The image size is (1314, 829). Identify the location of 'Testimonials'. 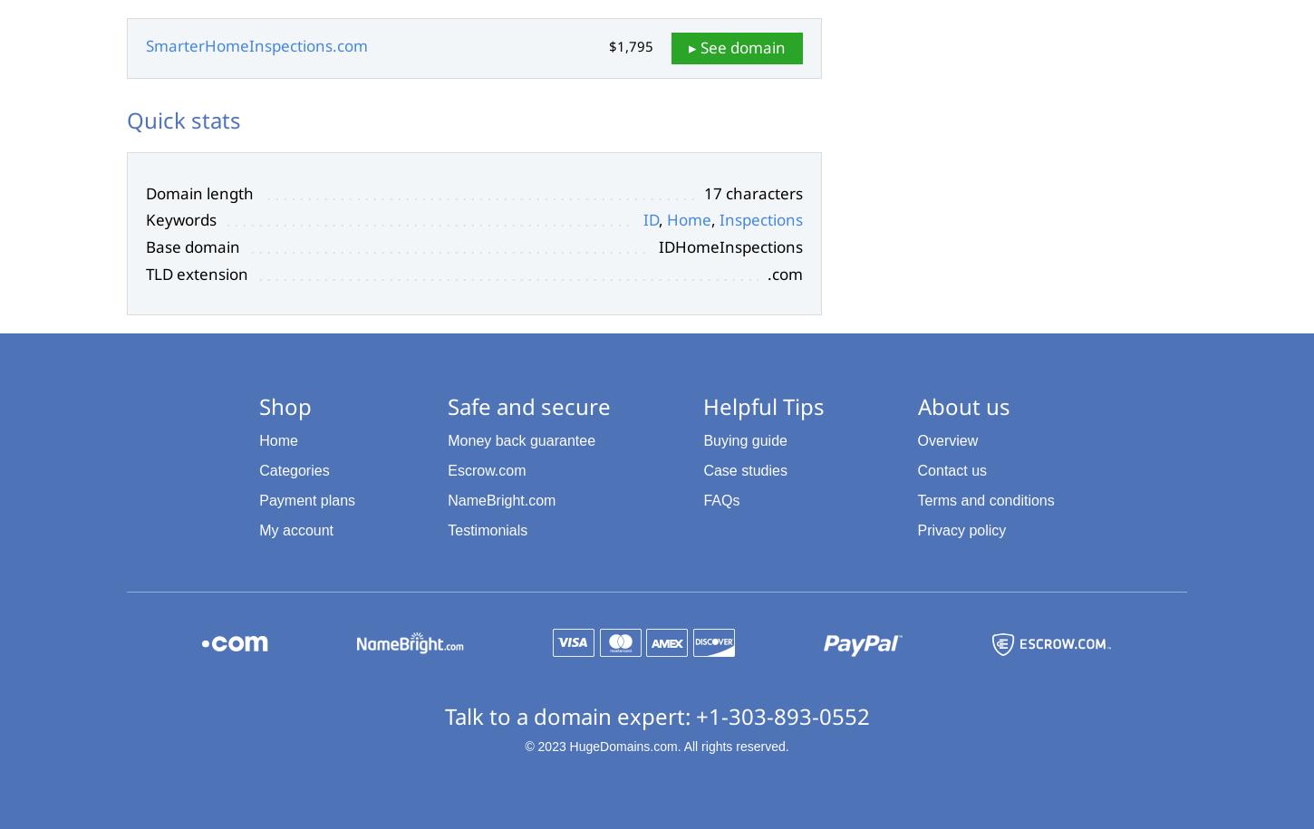
(487, 528).